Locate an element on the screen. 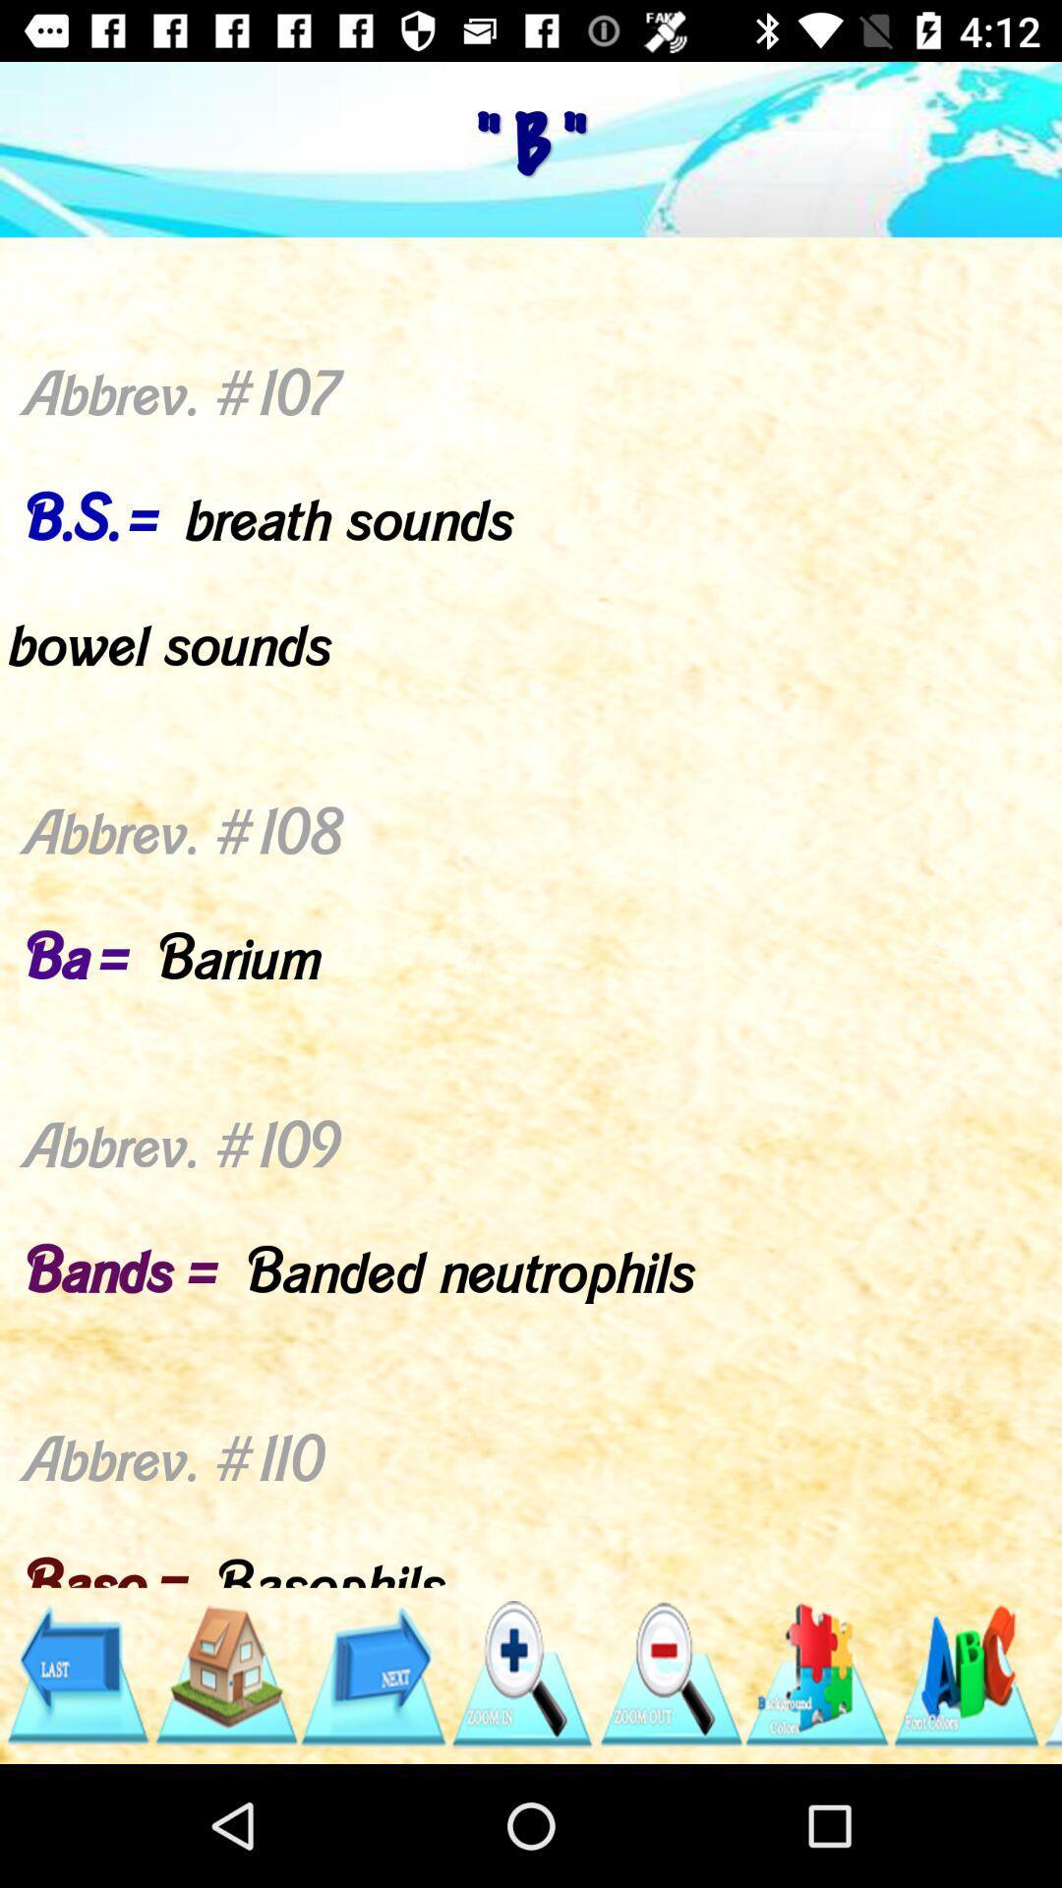 Image resolution: width=1062 pixels, height=1888 pixels. zoom in is located at coordinates (520, 1674).